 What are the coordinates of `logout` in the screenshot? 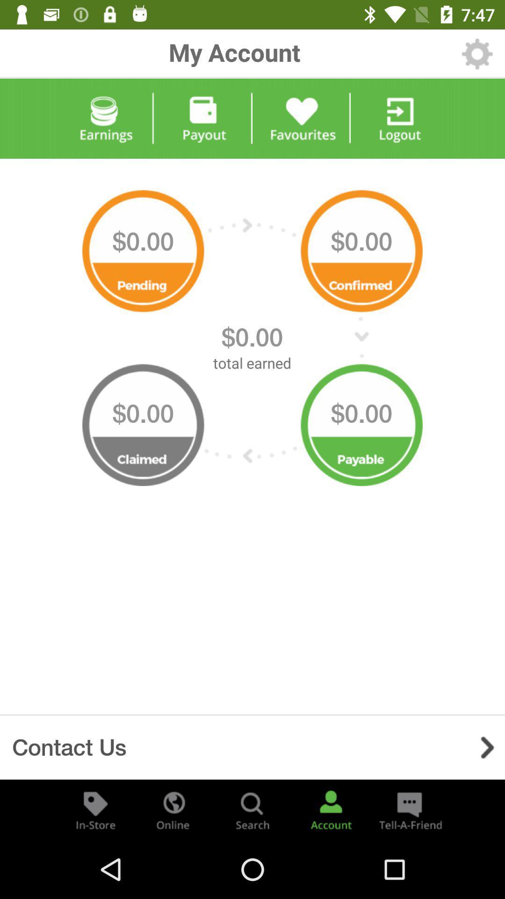 It's located at (400, 118).